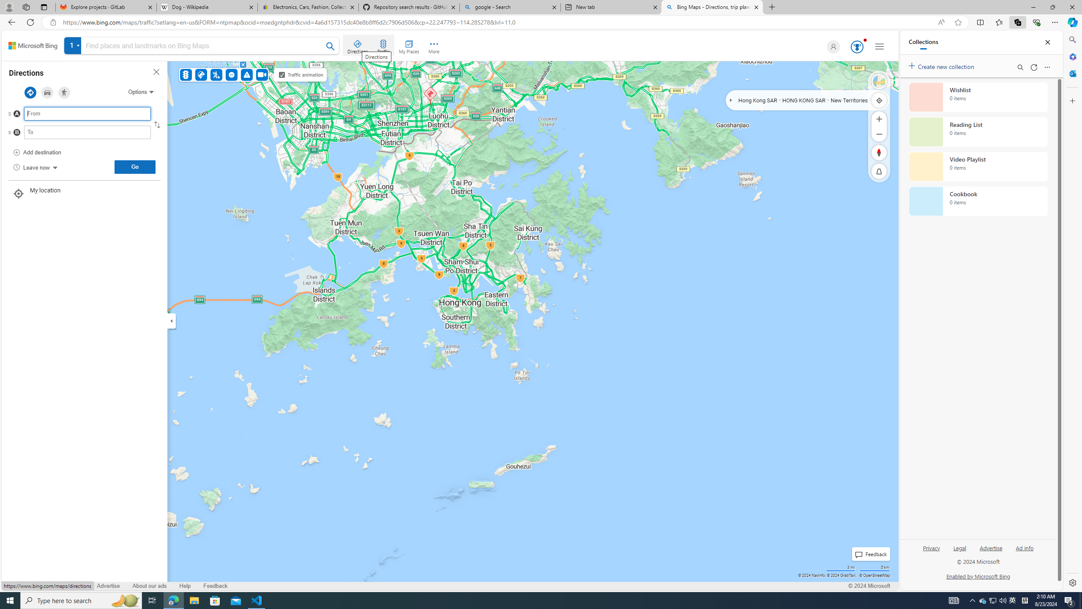 The height and width of the screenshot is (609, 1082). Describe the element at coordinates (156, 124) in the screenshot. I see `'Reverse'` at that location.